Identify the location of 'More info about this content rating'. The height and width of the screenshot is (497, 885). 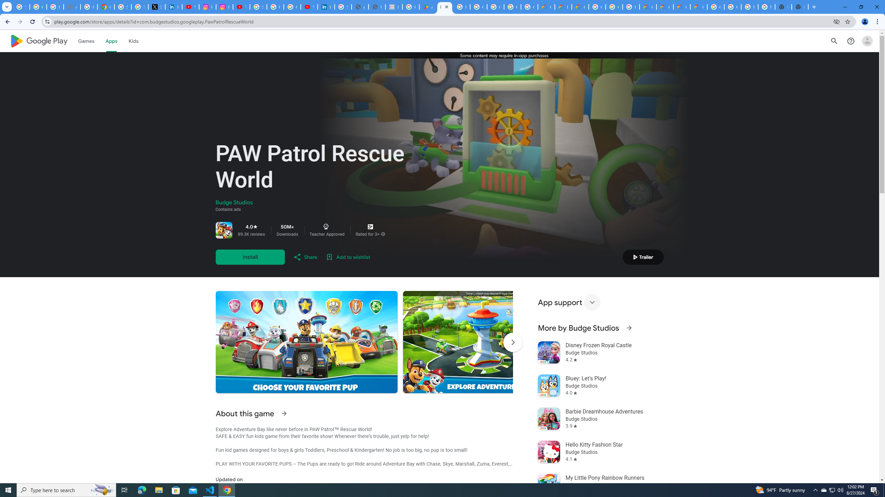
(383, 234).